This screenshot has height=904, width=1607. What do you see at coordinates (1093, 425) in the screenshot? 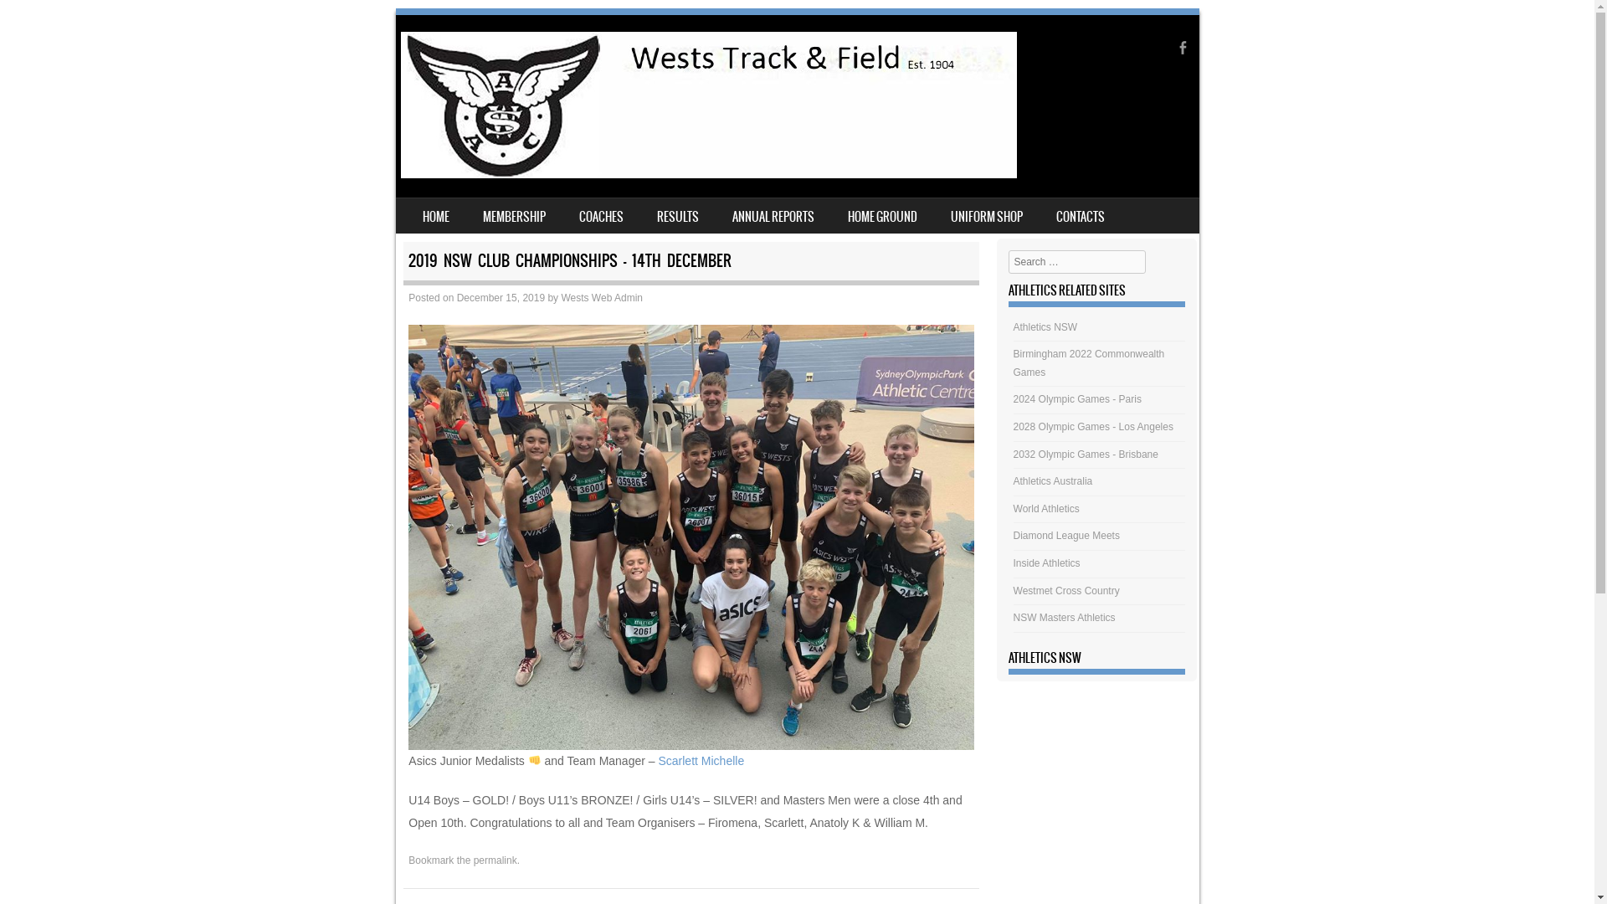
I see `'2028 Olympic Games - Los Angeles'` at bounding box center [1093, 425].